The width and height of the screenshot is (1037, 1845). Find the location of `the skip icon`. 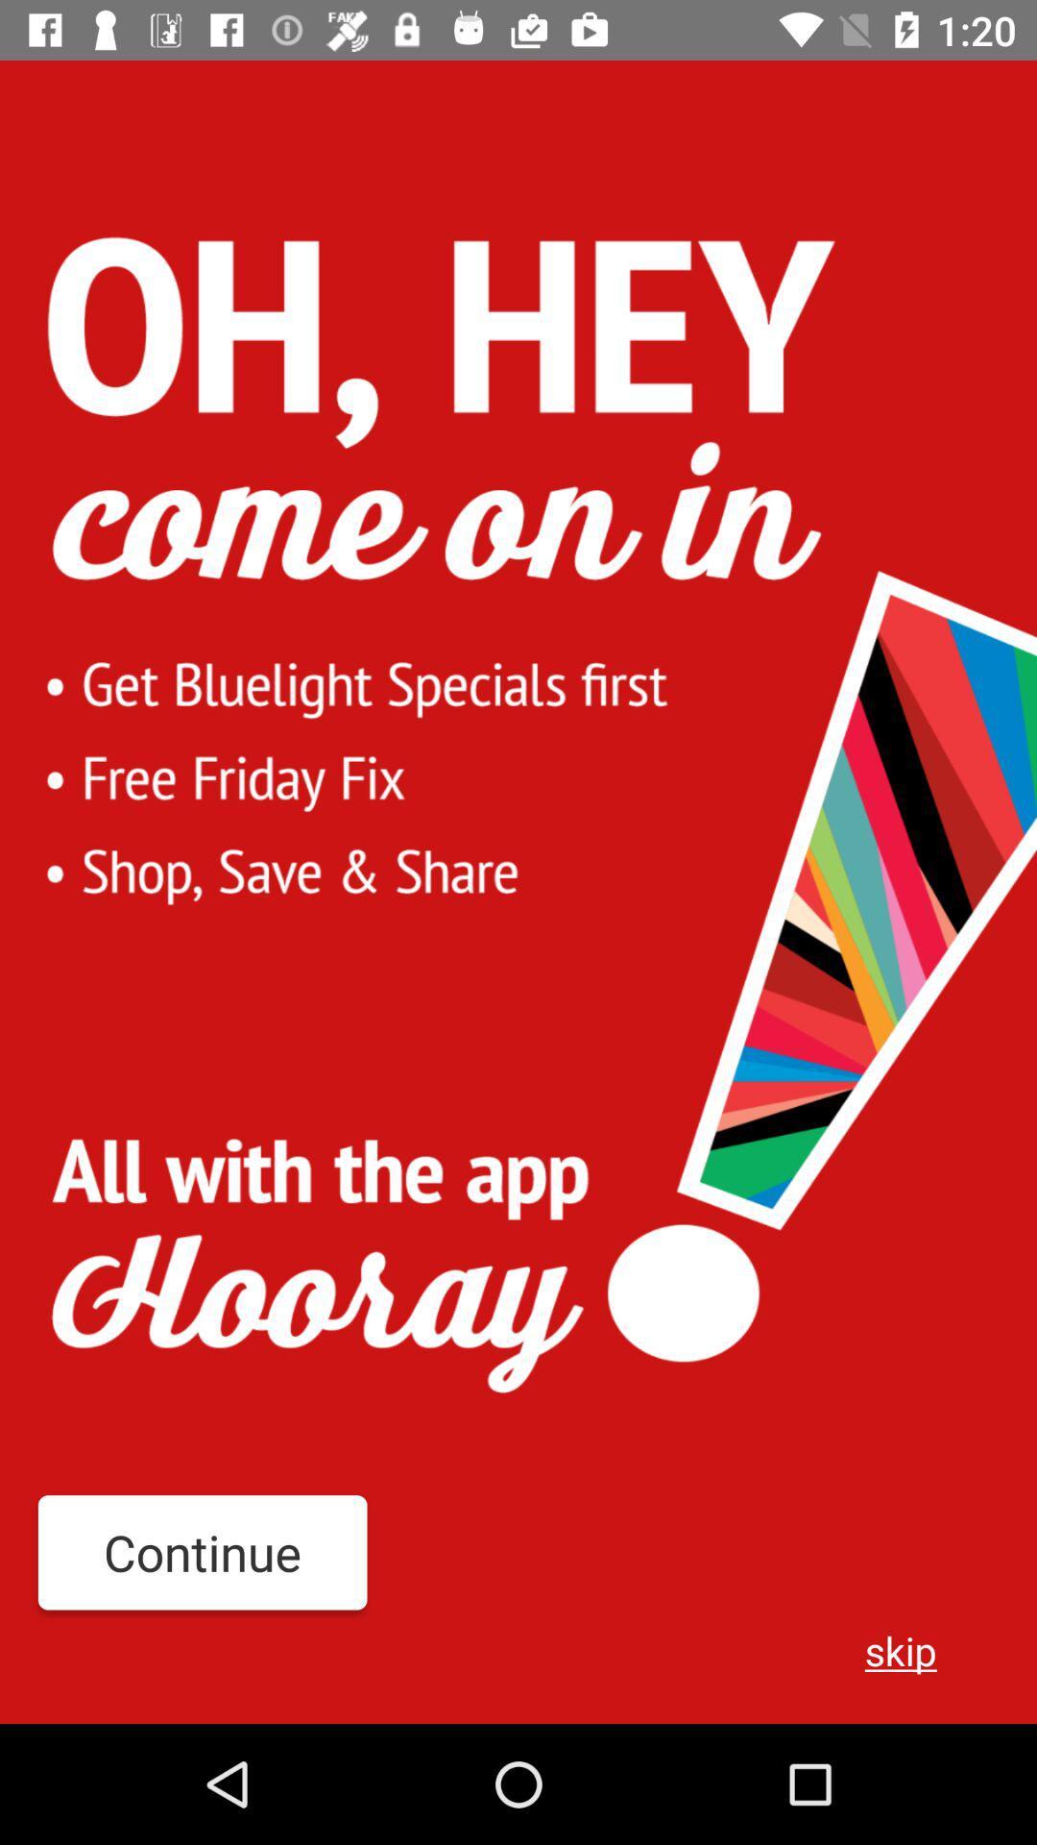

the skip icon is located at coordinates (901, 1649).